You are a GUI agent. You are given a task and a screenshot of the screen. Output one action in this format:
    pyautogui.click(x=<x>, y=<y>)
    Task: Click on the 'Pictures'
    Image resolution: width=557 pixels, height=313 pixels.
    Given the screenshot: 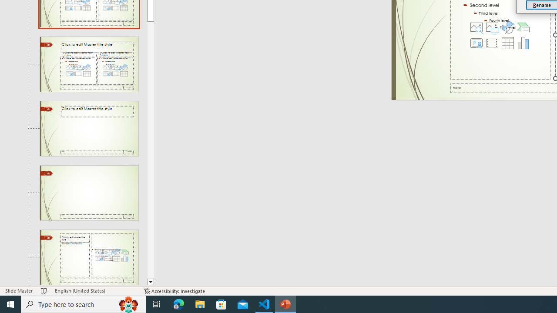 What is the action you would take?
    pyautogui.click(x=492, y=27)
    